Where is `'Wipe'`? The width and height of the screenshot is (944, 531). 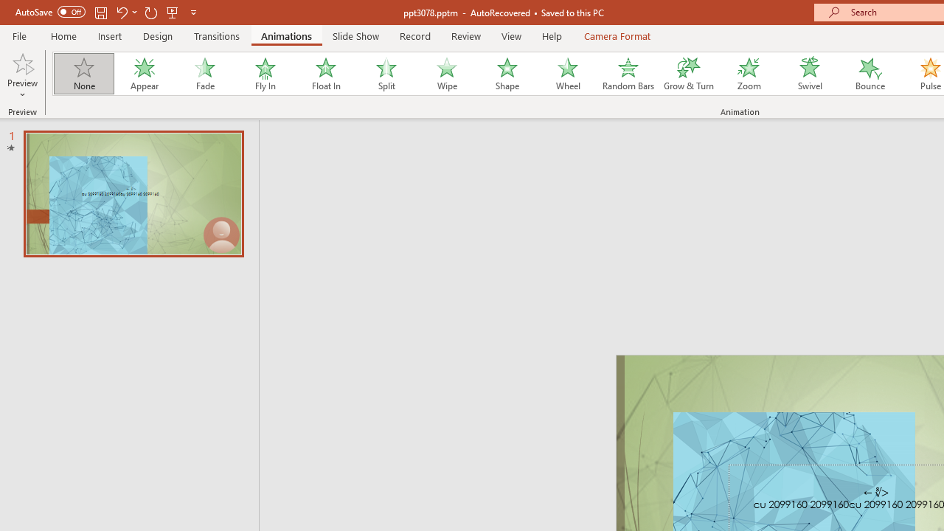
'Wipe' is located at coordinates (445, 74).